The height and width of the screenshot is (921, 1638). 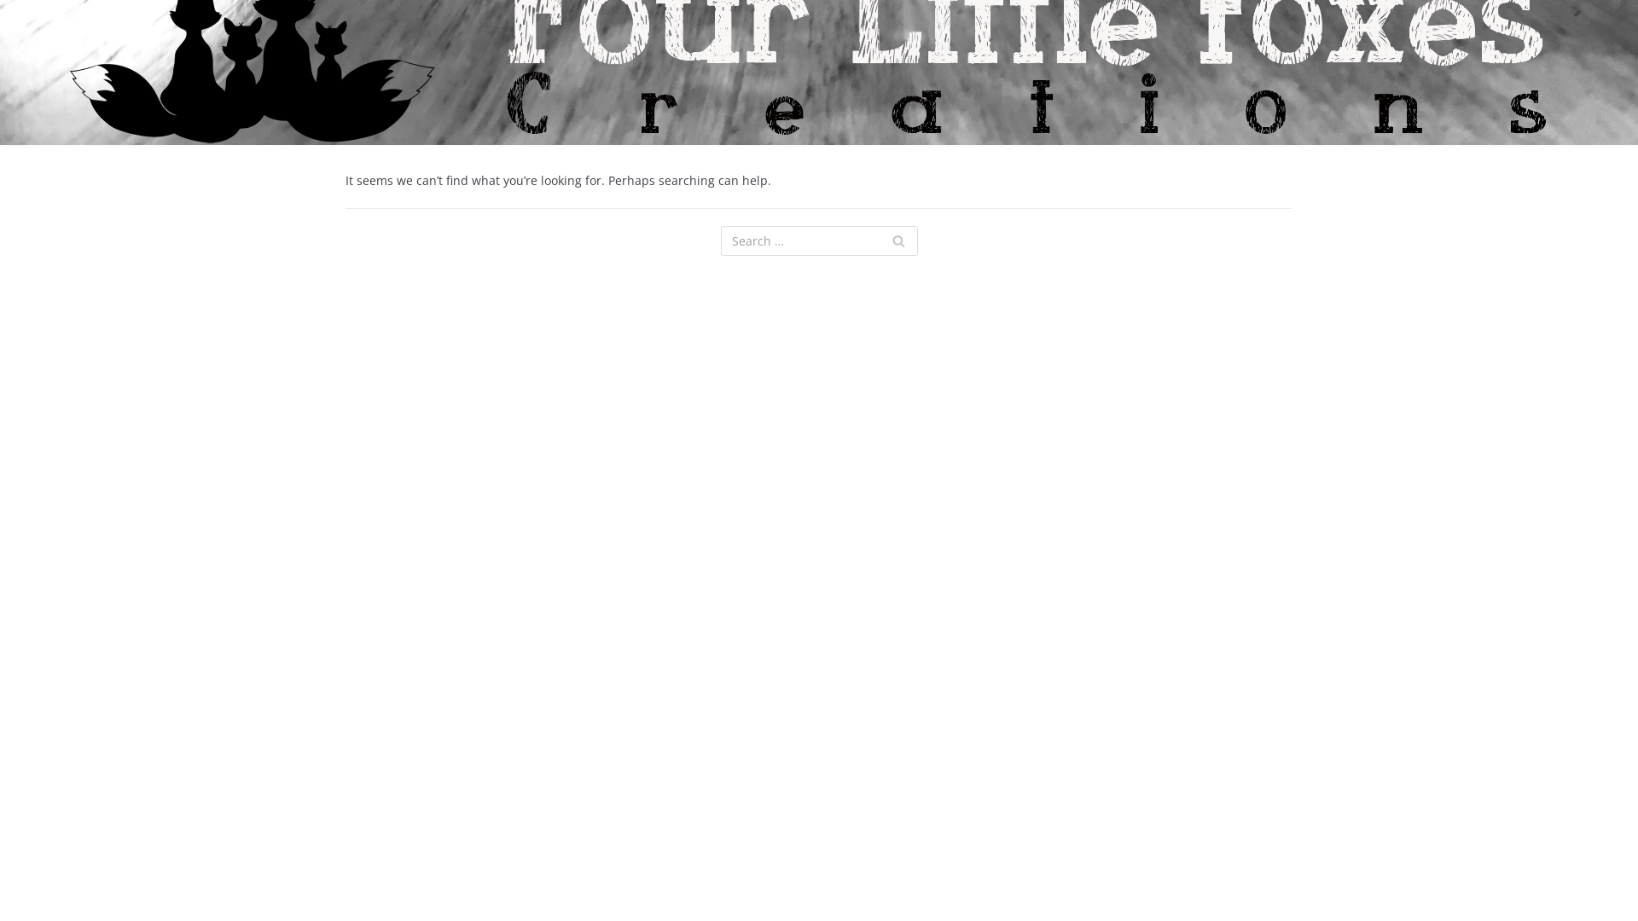 I want to click on 'Skip to content', so click(x=16, y=36).